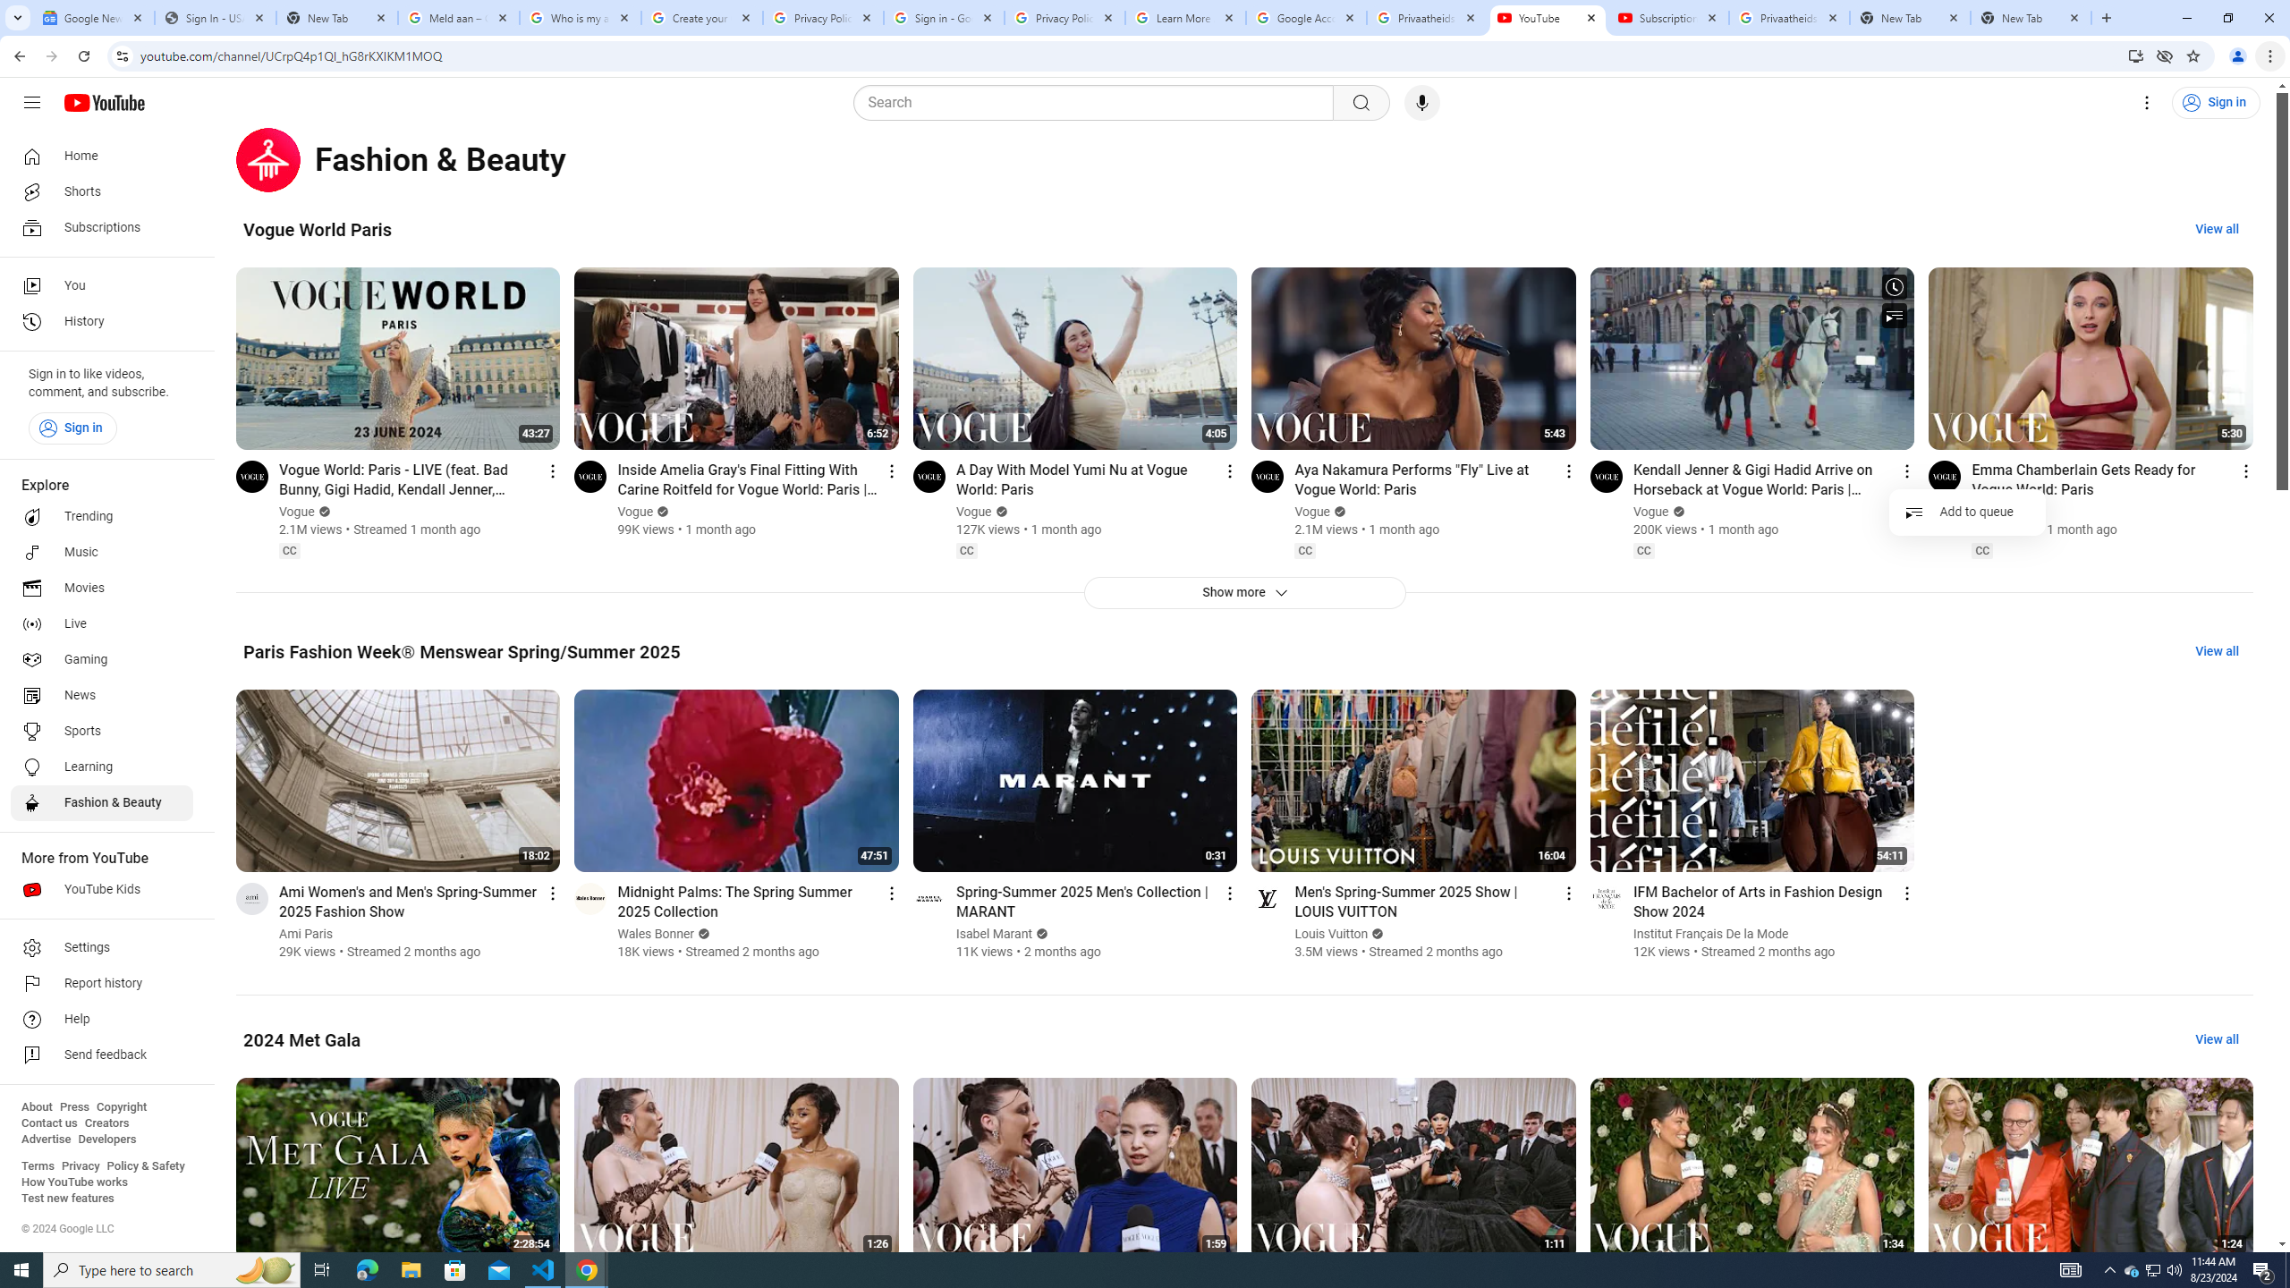  What do you see at coordinates (37, 1165) in the screenshot?
I see `'Terms'` at bounding box center [37, 1165].